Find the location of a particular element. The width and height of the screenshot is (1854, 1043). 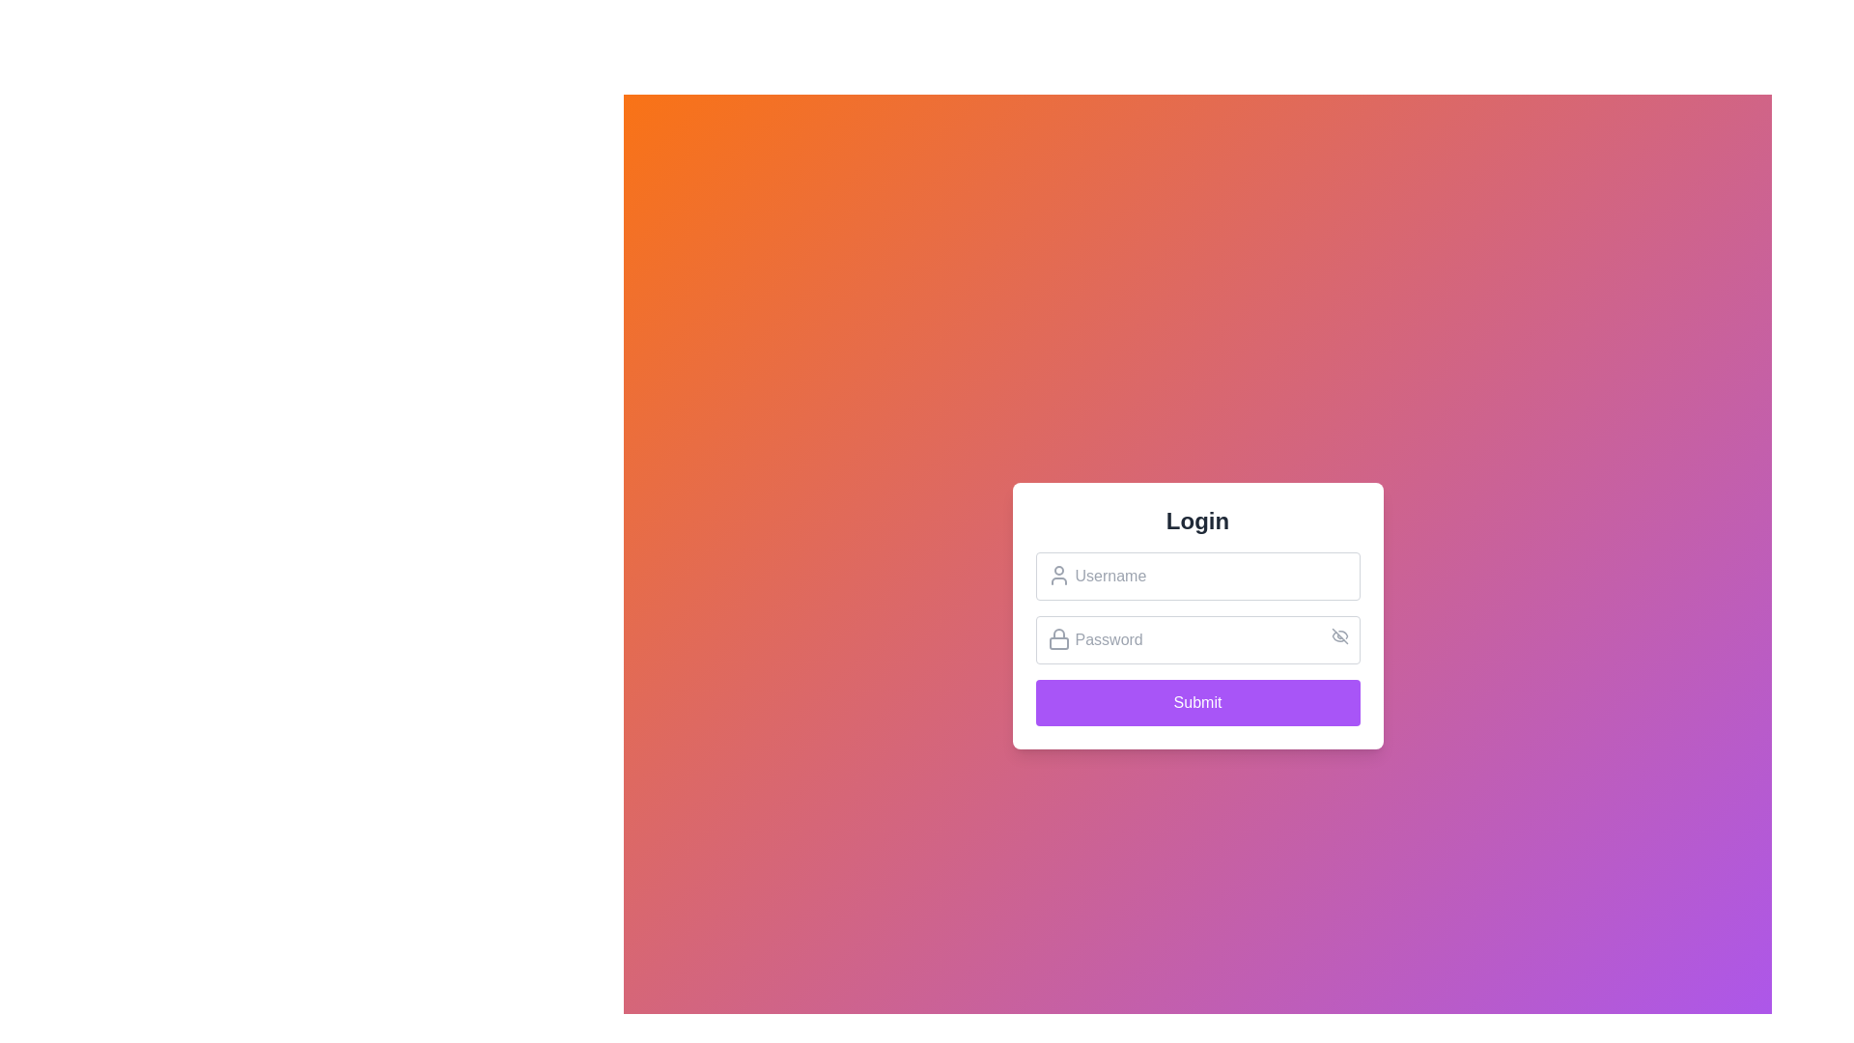

the small gray button with an eye icon located at the top-right corner of the password input field is located at coordinates (1338, 636).